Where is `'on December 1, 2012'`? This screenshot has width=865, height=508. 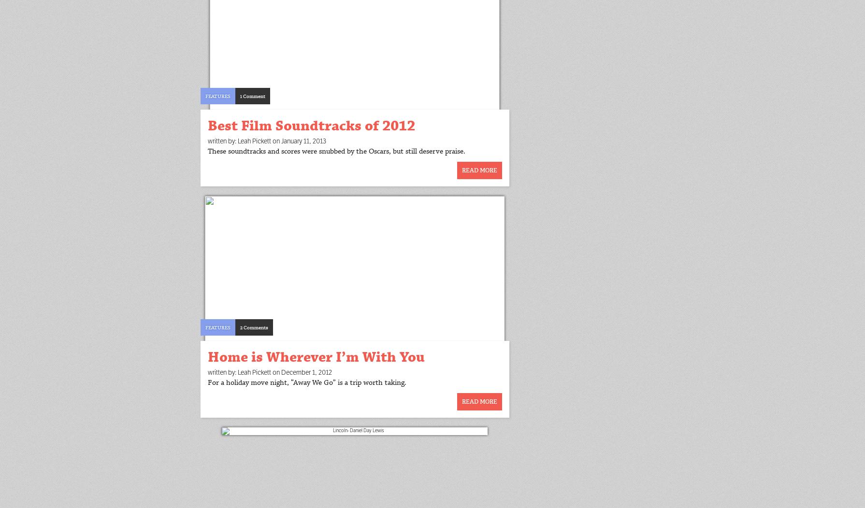
'on December 1, 2012' is located at coordinates (302, 371).